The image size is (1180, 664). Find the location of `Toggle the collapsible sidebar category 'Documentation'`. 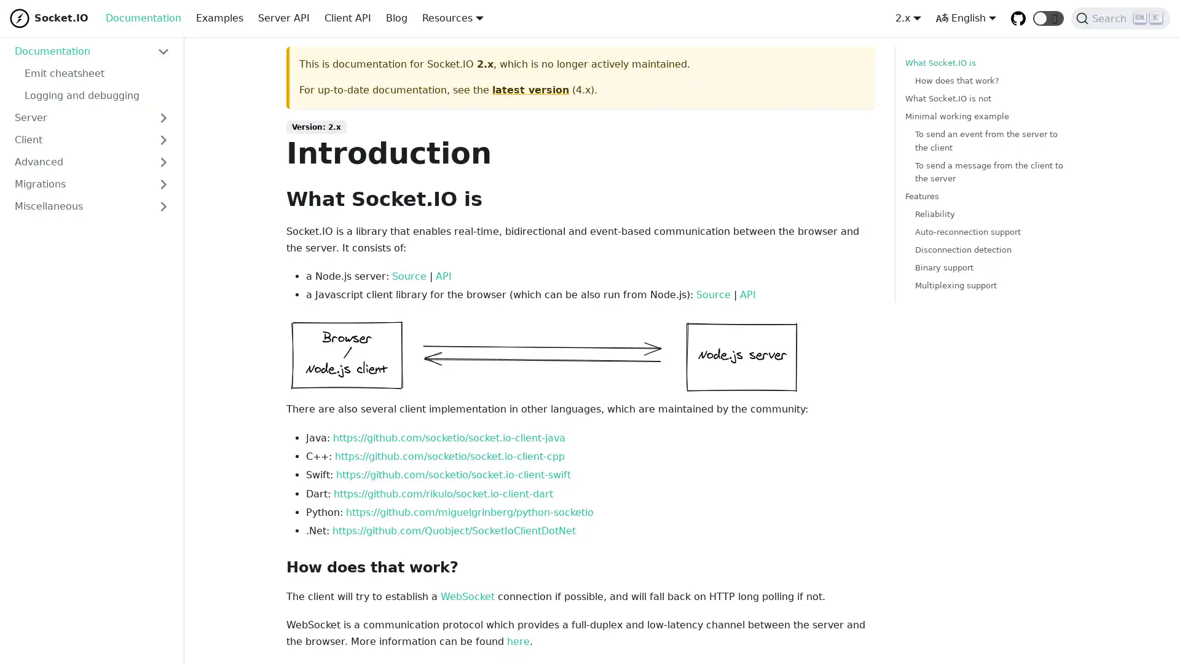

Toggle the collapsible sidebar category 'Documentation' is located at coordinates (162, 51).